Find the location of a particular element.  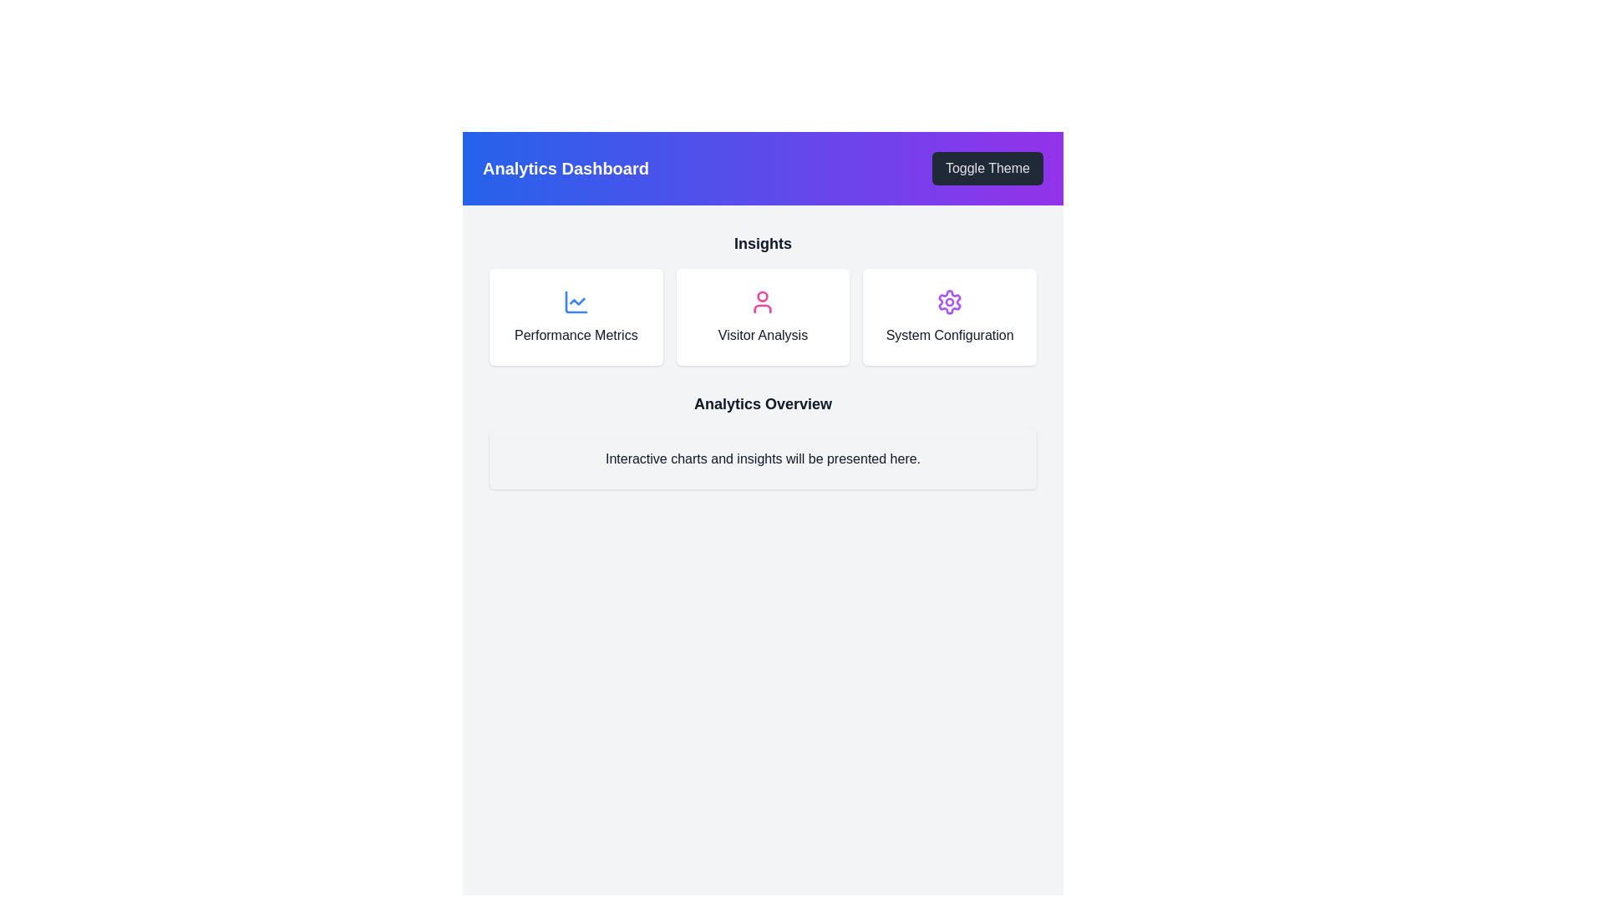

text label 'Analytics Overview' which is a bold header positioned centrally beneath the cards in the 'Insights' section is located at coordinates (762, 403).